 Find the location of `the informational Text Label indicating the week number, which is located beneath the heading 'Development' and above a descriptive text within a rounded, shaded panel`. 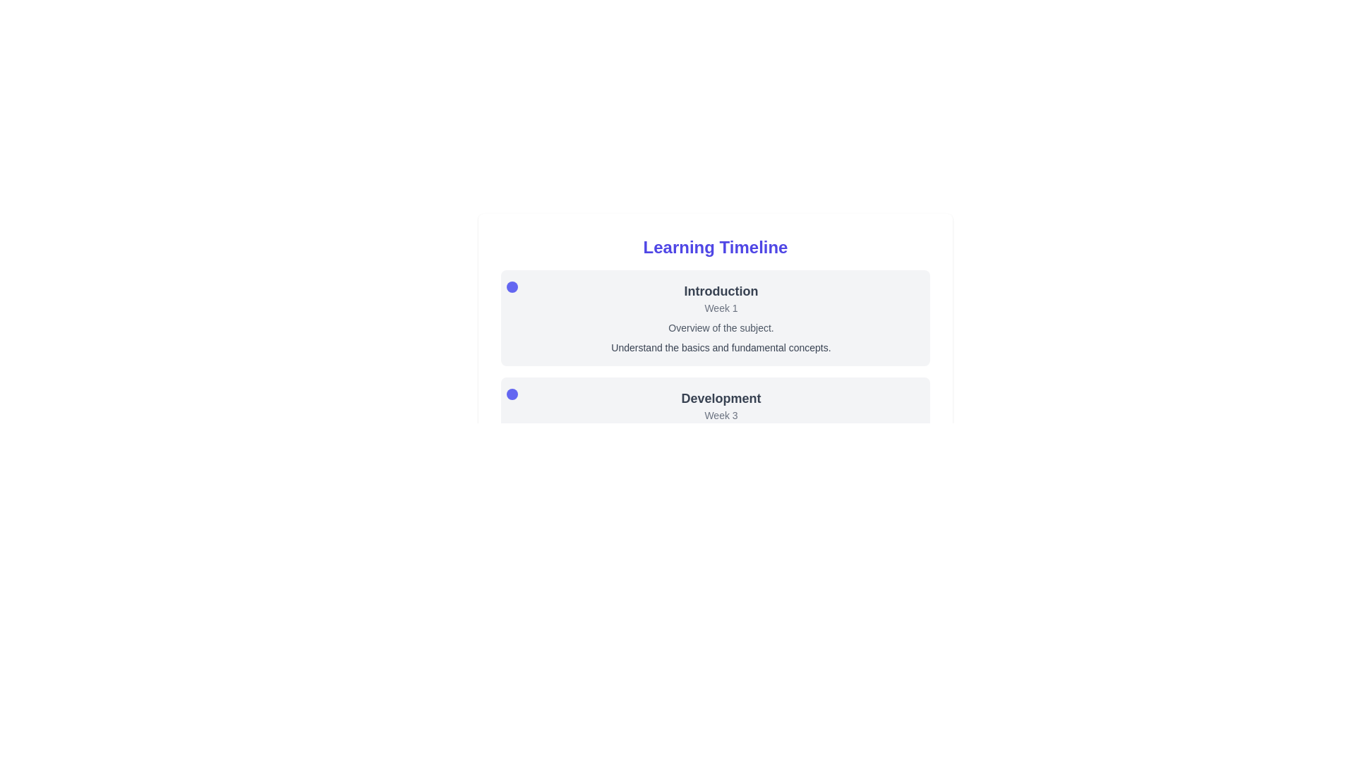

the informational Text Label indicating the week number, which is located beneath the heading 'Development' and above a descriptive text within a rounded, shaded panel is located at coordinates (721, 415).